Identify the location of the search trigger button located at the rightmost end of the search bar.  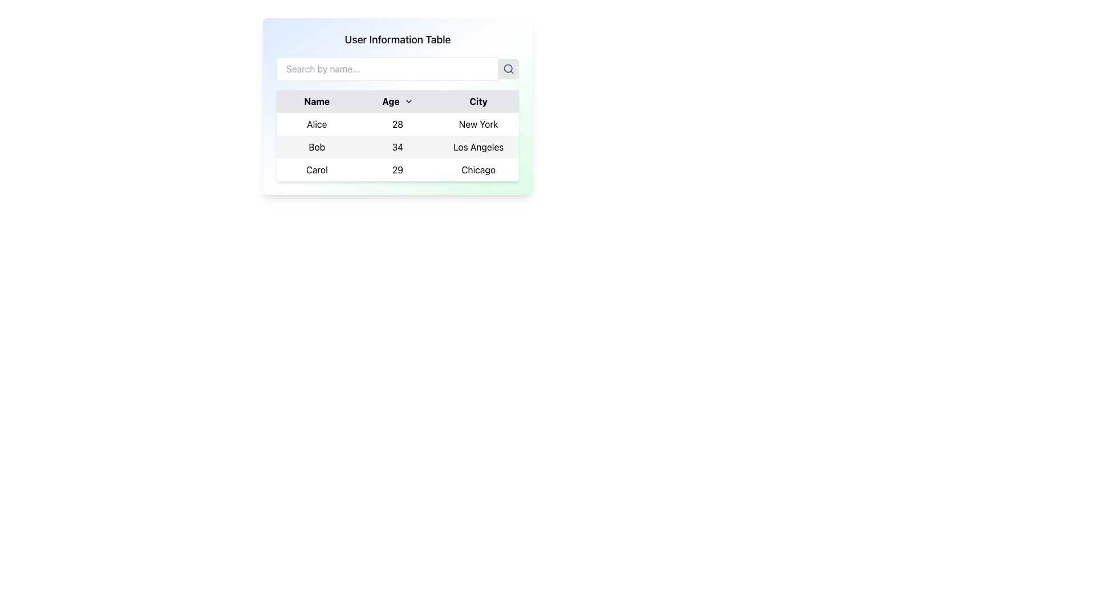
(508, 68).